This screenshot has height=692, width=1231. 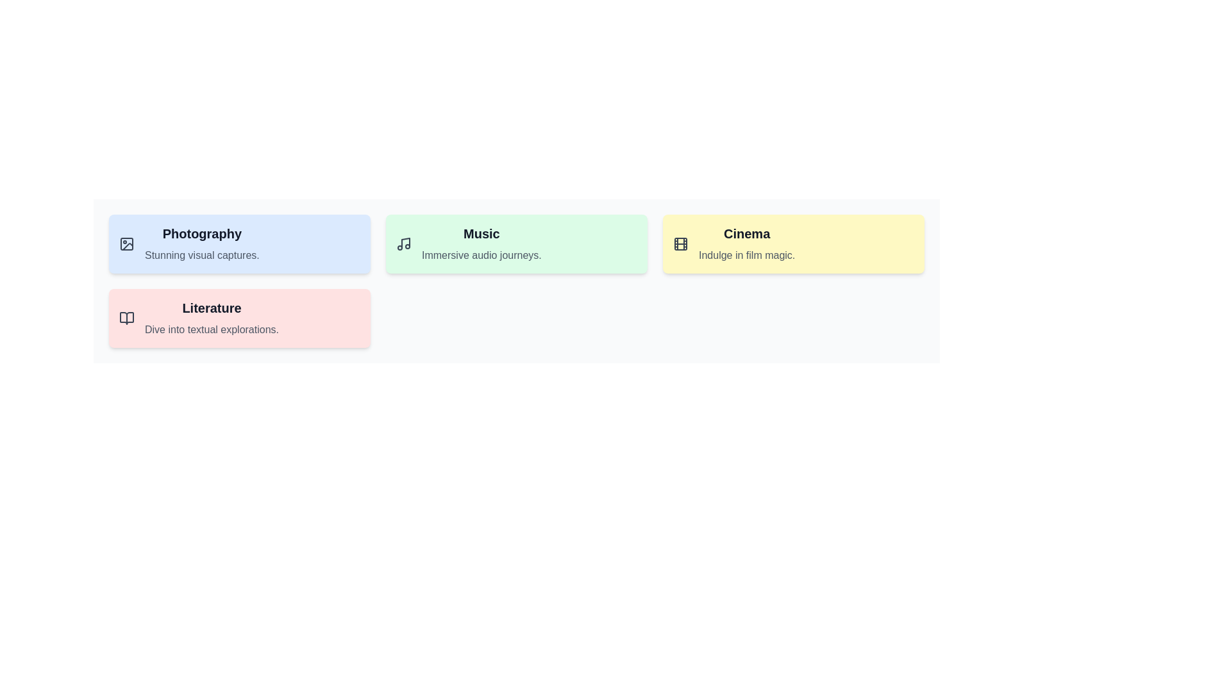 I want to click on the 'Literature' header text, which is a bold, larger font title in dark gray color on a light pink background, positioned centrally above a descriptive text, so click(x=212, y=308).